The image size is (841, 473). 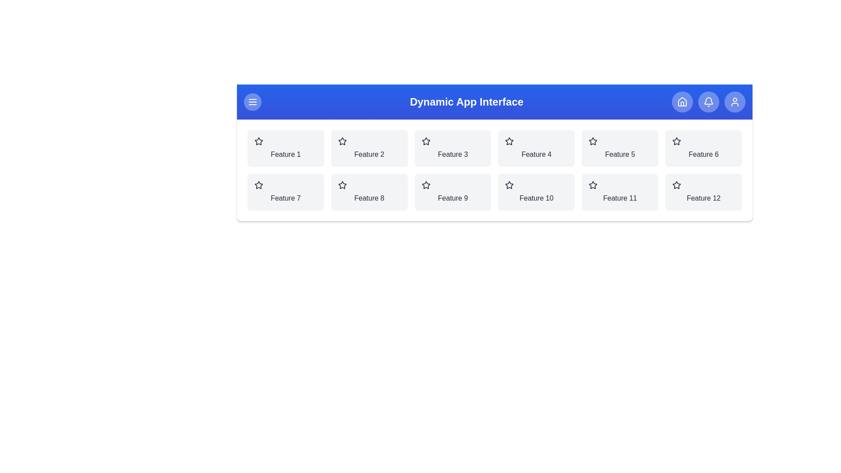 I want to click on the 'Home' button in the navigation bar, so click(x=682, y=101).